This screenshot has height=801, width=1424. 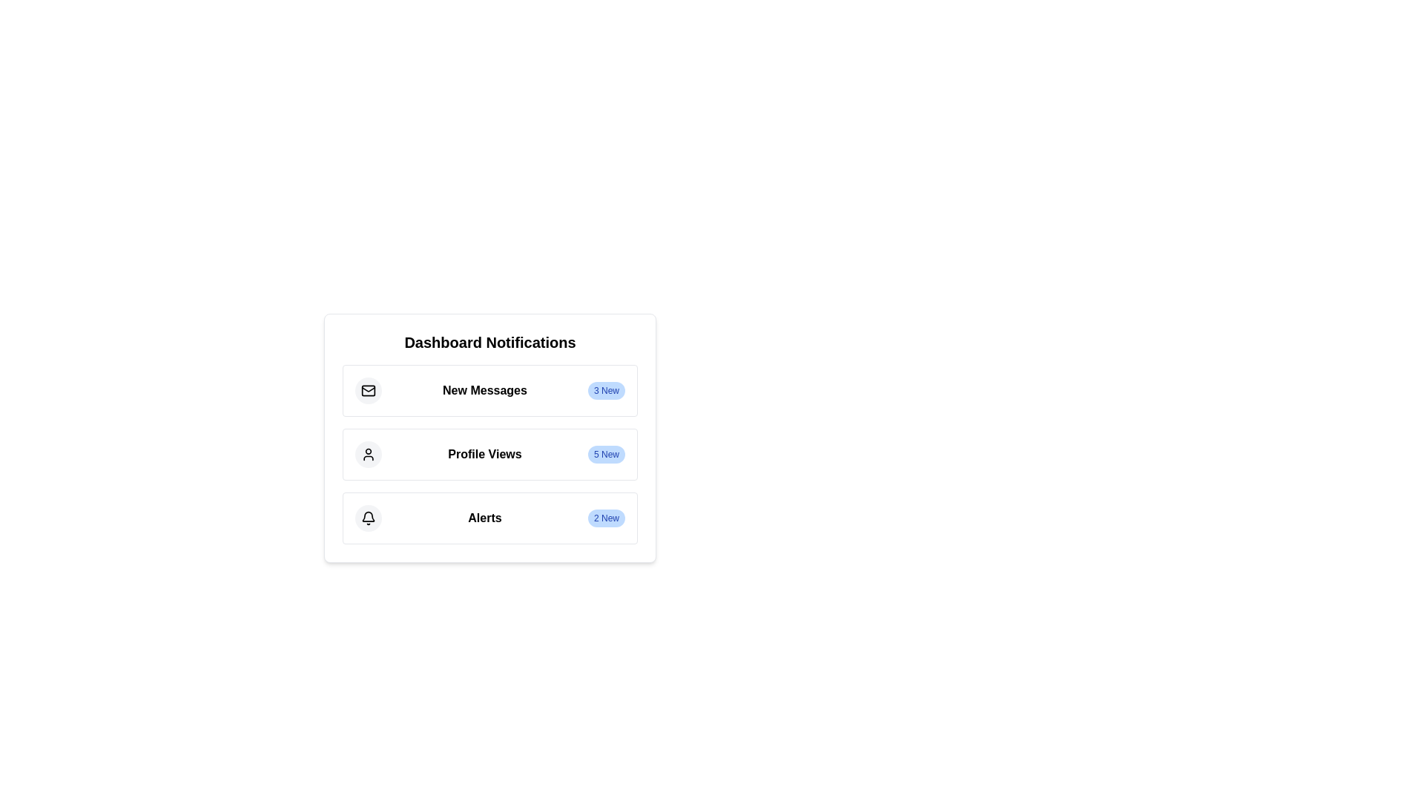 I want to click on the badge within the categorized notification sections of the 'Dashboard Notifications' card to acknowledge the notifications, so click(x=490, y=454).